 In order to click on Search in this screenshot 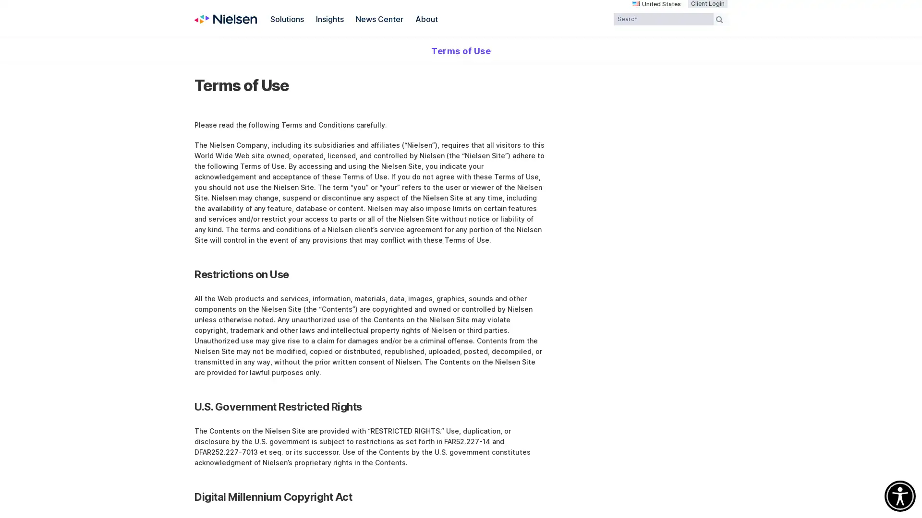, I will do `click(720, 19)`.